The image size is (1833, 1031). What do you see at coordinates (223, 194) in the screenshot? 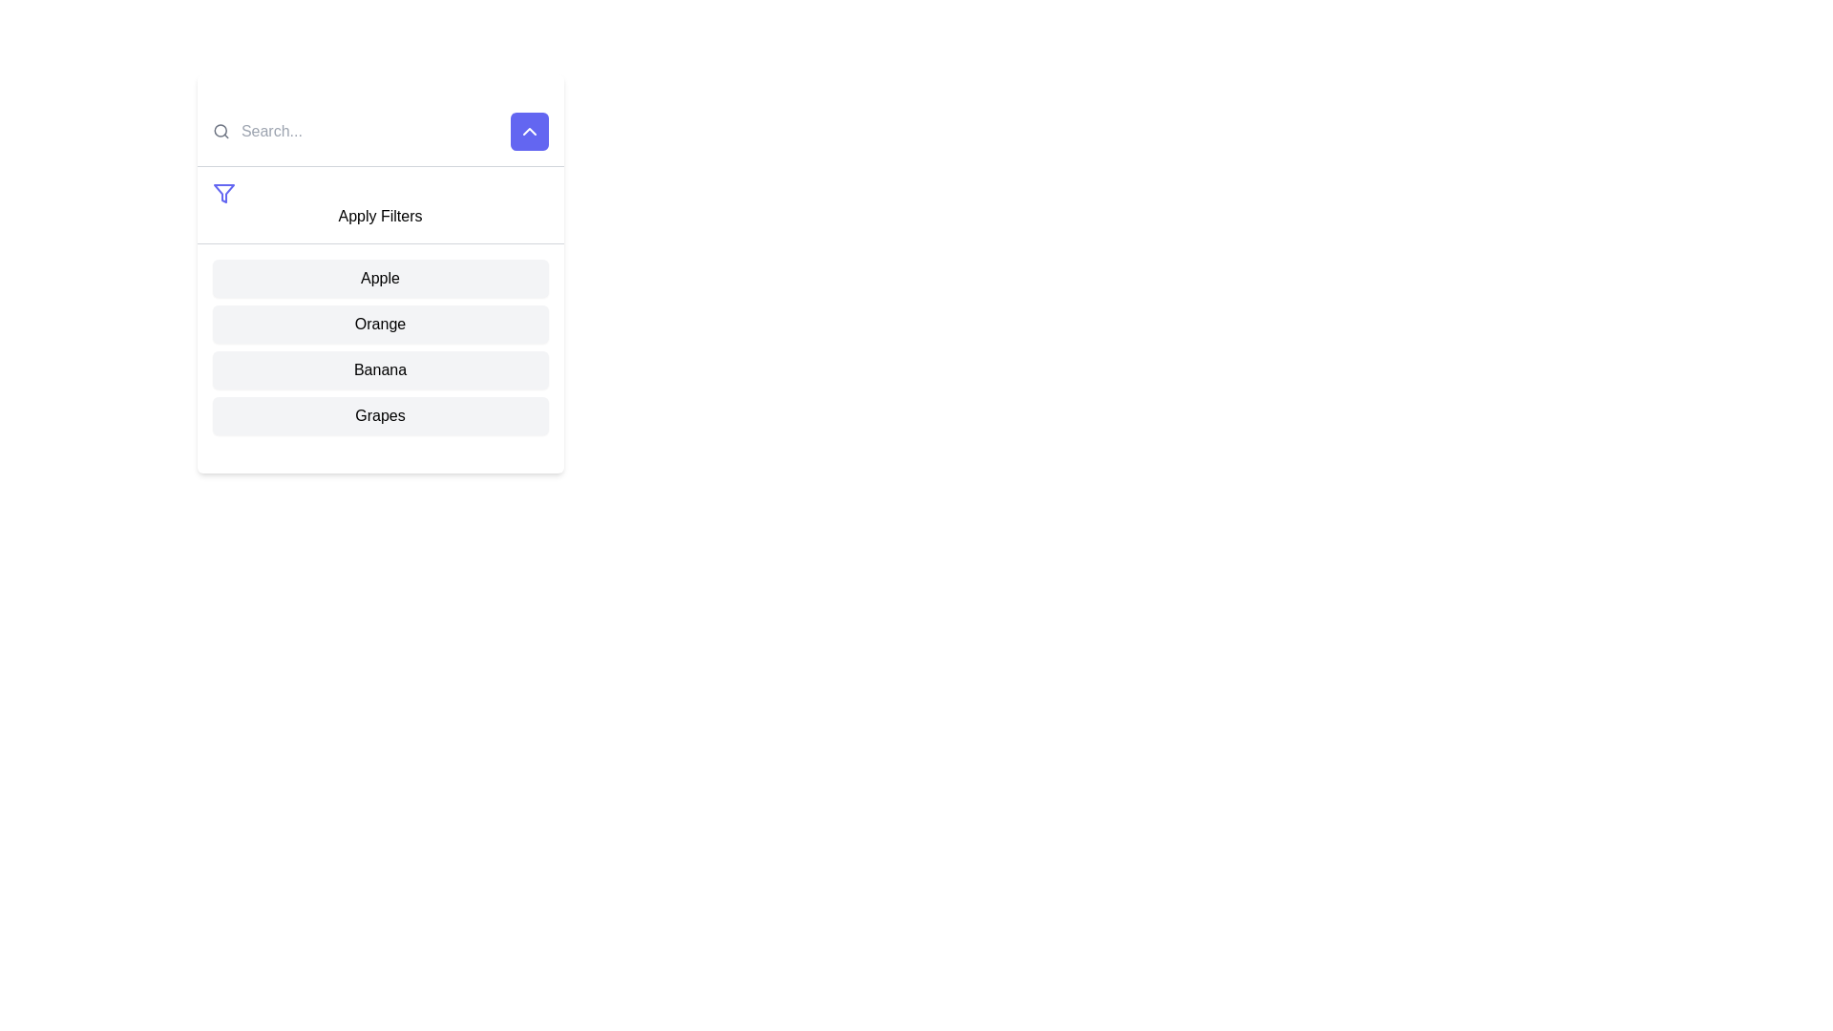
I see `the decorative filter icon with an indigo color outline, located next to the 'Apply Filters' text` at bounding box center [223, 194].